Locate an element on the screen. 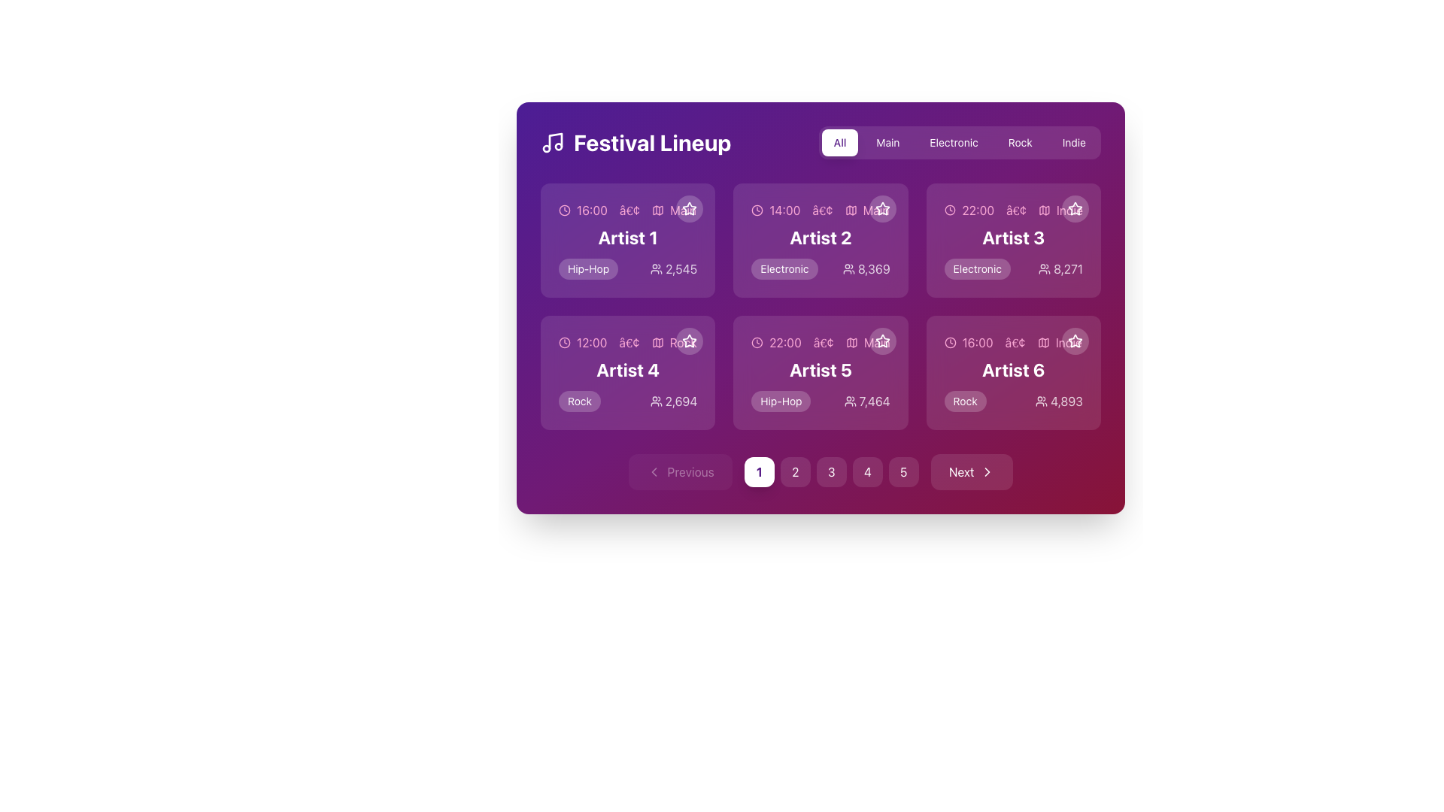 Image resolution: width=1444 pixels, height=812 pixels. the Tab Bar located below 'Festival Lineup' to filter the displayed items by categories is located at coordinates (820, 142).